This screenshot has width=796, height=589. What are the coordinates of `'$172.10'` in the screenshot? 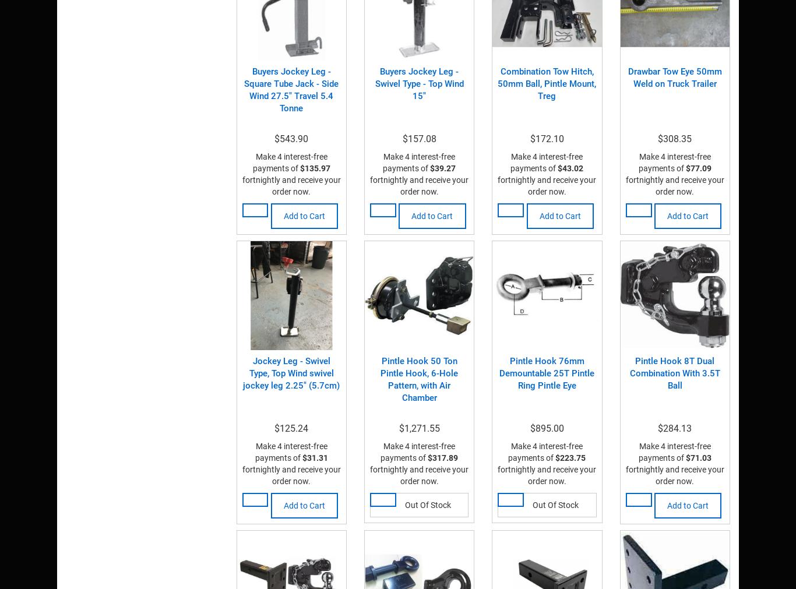 It's located at (547, 138).